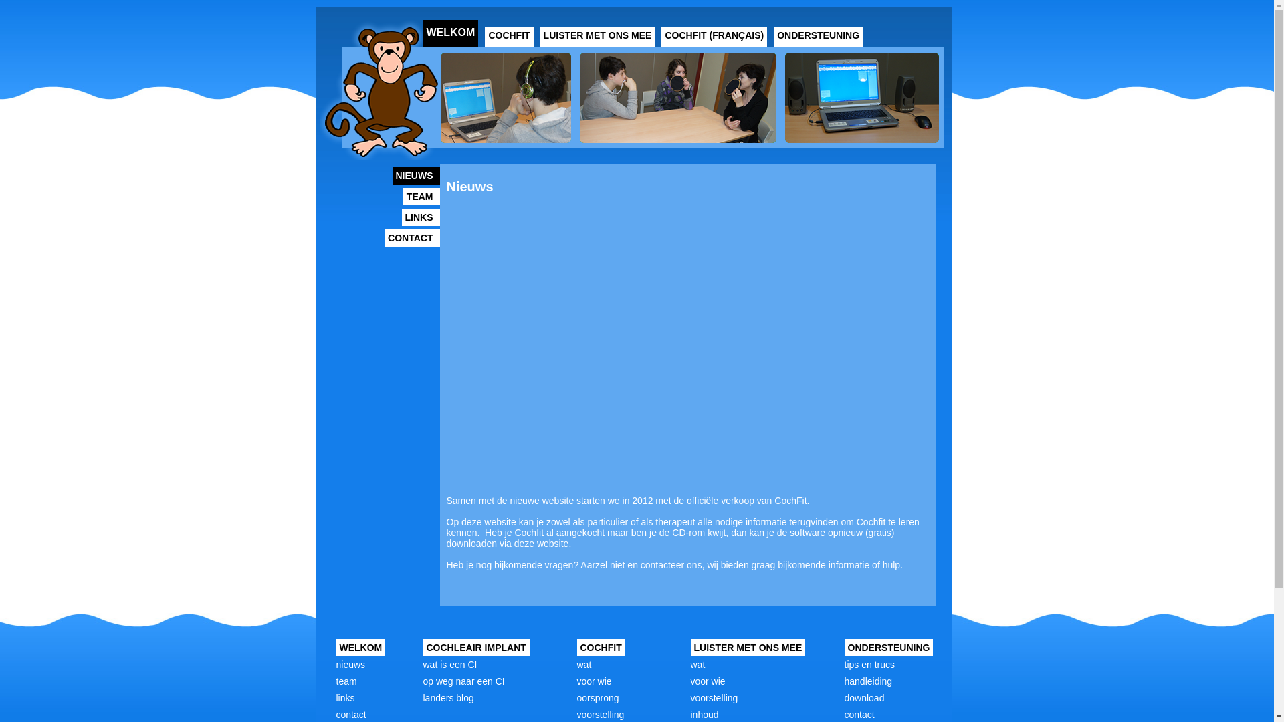 The width and height of the screenshot is (1284, 722). I want to click on 'tips en trucs', so click(869, 665).